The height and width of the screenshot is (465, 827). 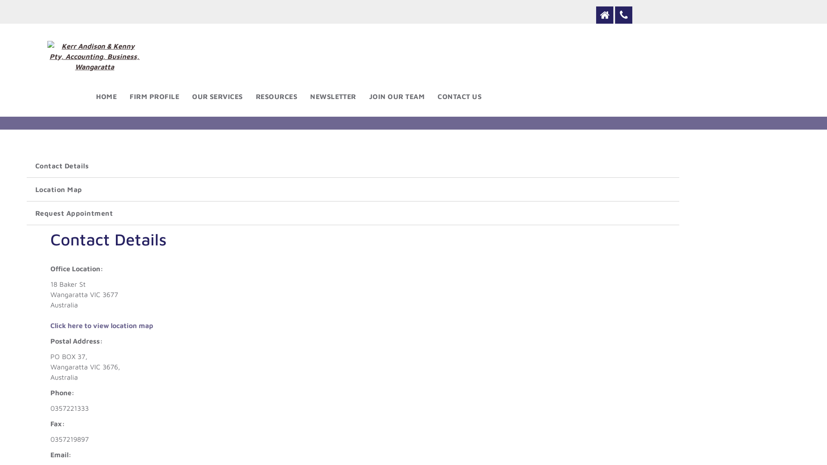 What do you see at coordinates (353, 189) in the screenshot?
I see `'Location Map'` at bounding box center [353, 189].